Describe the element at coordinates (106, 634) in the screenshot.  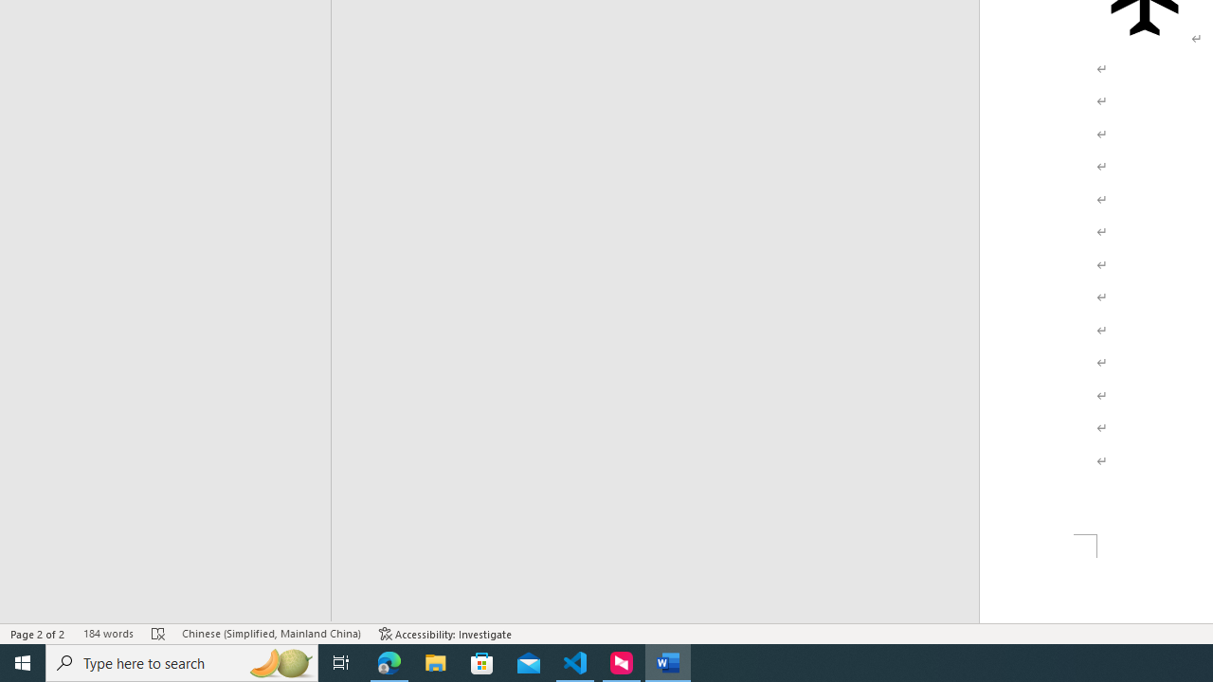
I see `'Word Count 184 words'` at that location.